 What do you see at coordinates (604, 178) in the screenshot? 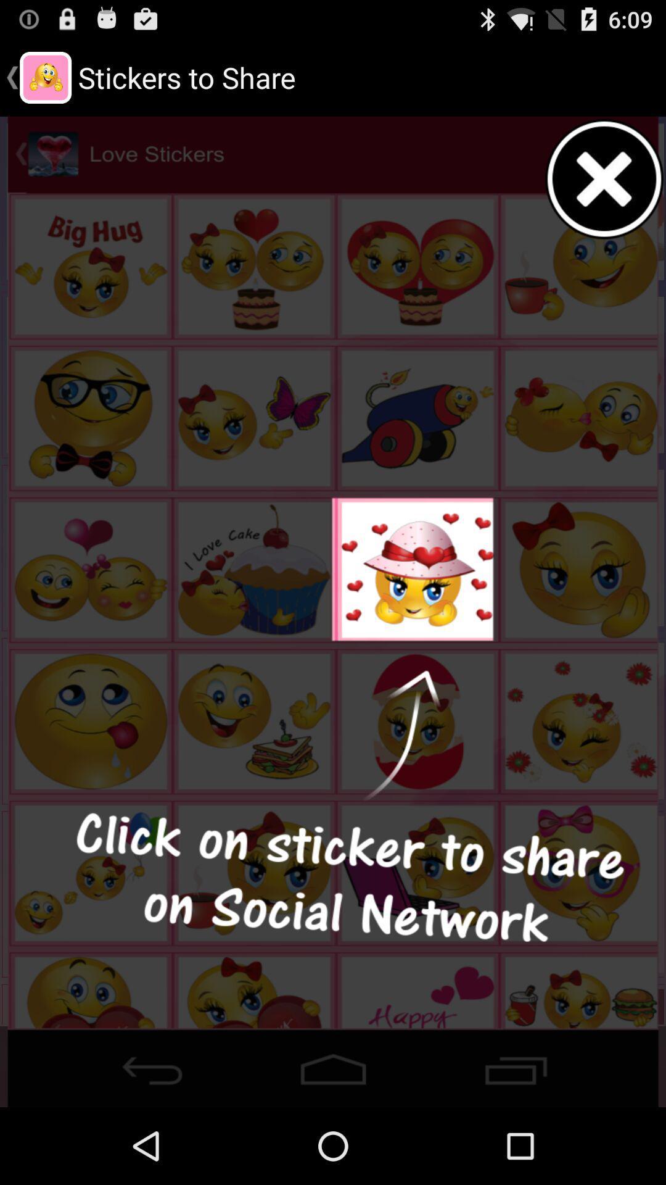
I see `page` at bounding box center [604, 178].